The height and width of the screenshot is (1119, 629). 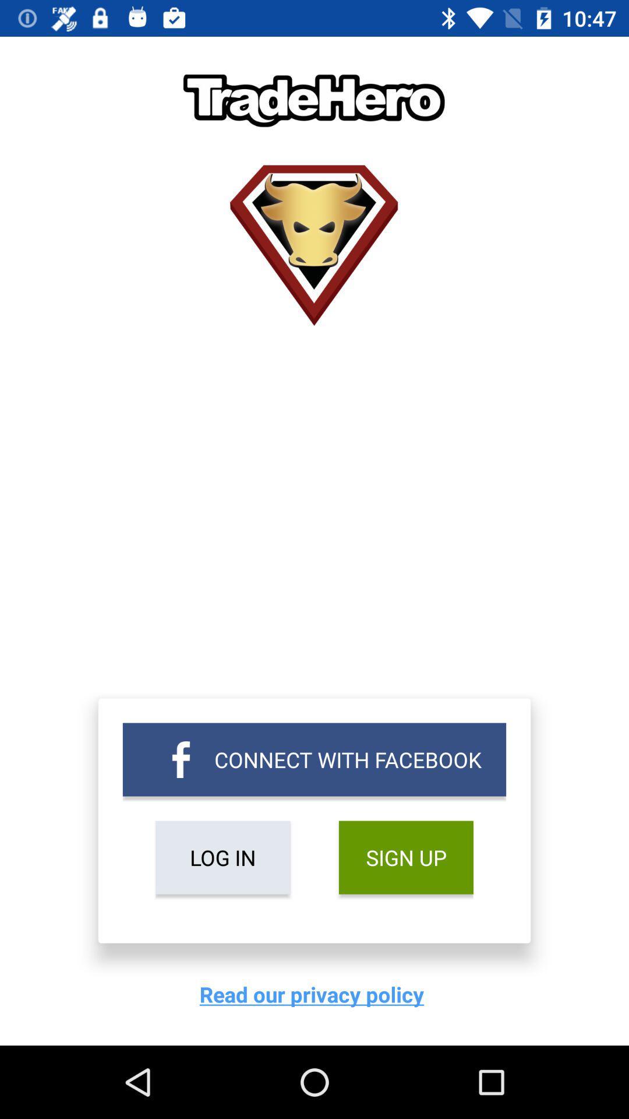 What do you see at coordinates (405, 857) in the screenshot?
I see `item to the right of the log in icon` at bounding box center [405, 857].